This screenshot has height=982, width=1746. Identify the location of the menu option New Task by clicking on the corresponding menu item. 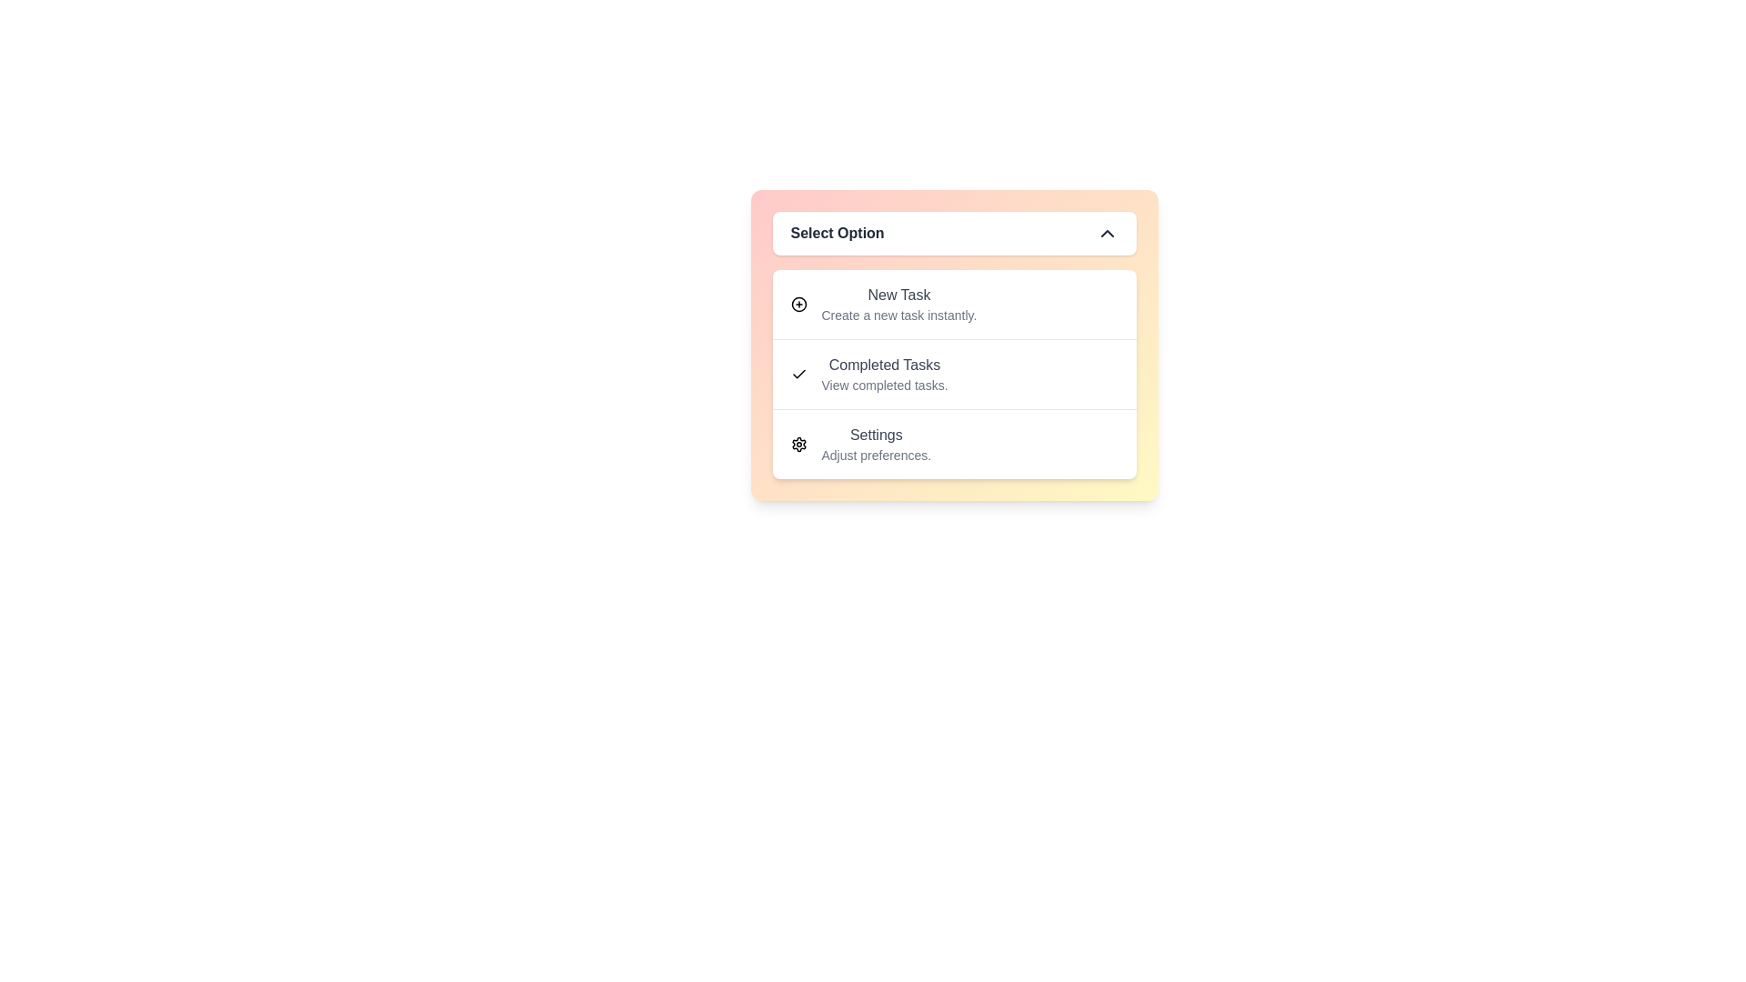
(953, 304).